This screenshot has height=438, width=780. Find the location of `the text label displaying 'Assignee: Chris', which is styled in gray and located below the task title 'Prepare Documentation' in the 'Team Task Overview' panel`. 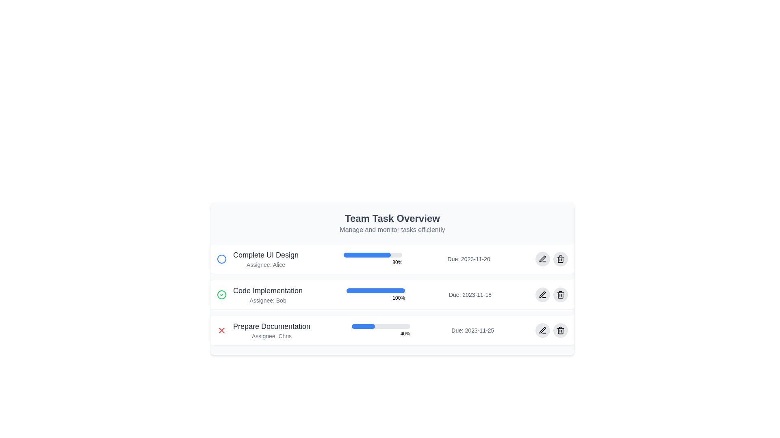

the text label displaying 'Assignee: Chris', which is styled in gray and located below the task title 'Prepare Documentation' in the 'Team Task Overview' panel is located at coordinates (272, 336).